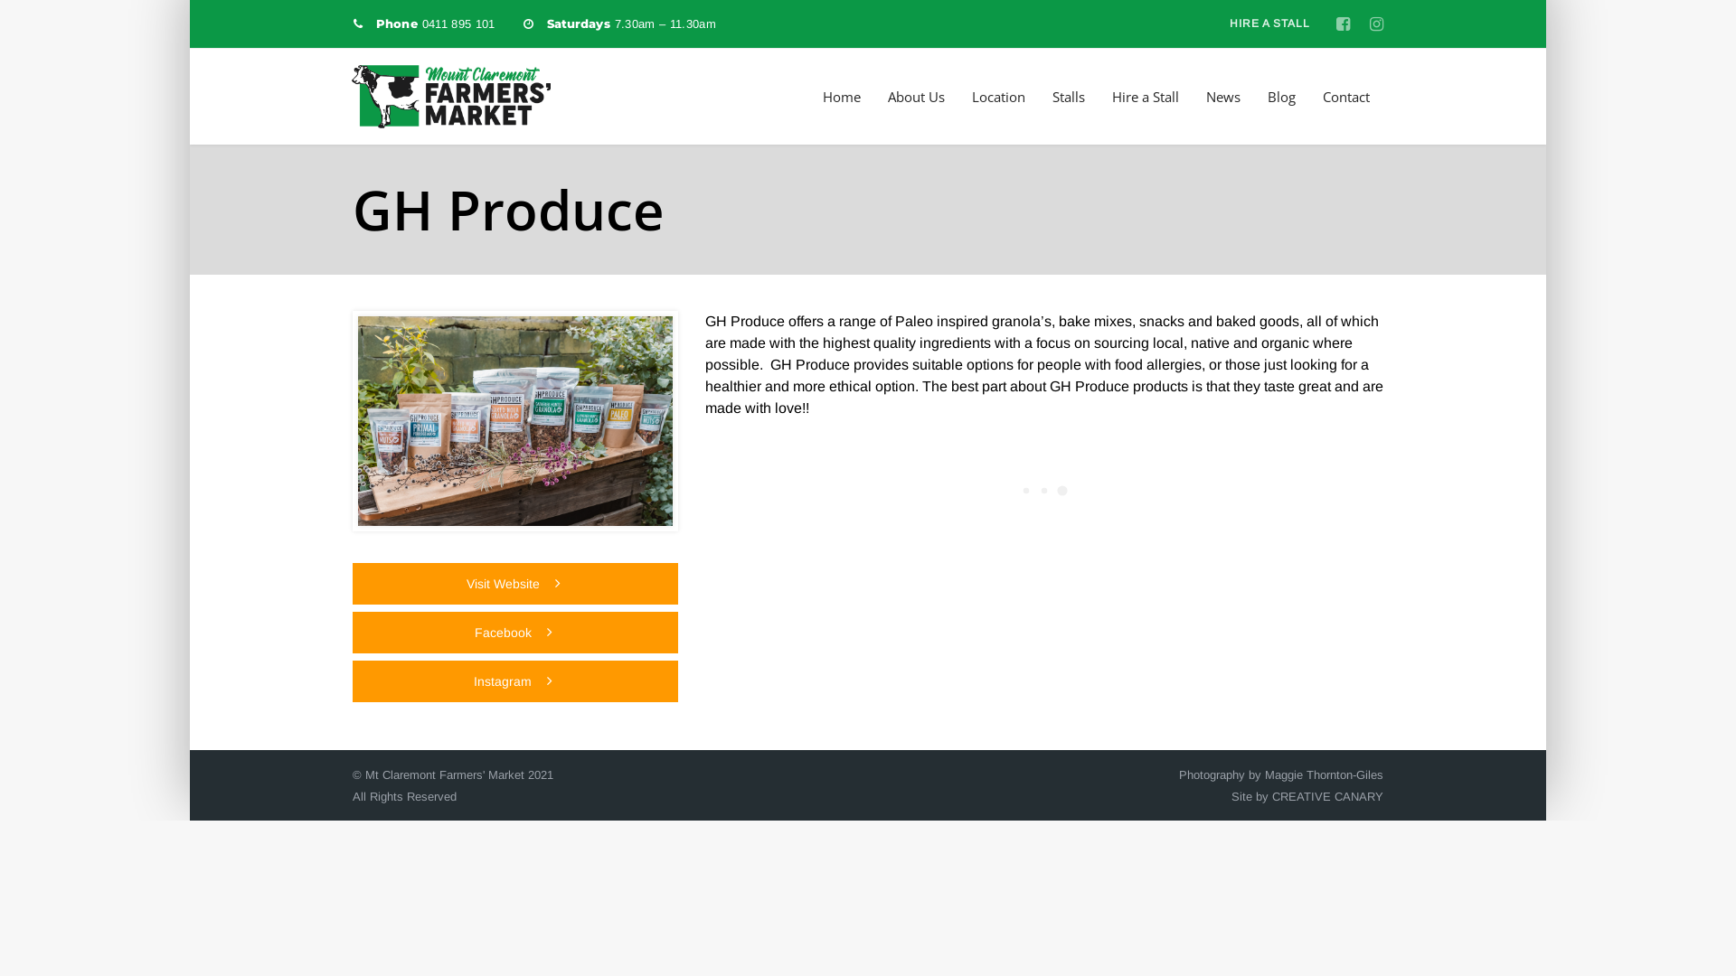  What do you see at coordinates (514, 631) in the screenshot?
I see `'Facebook'` at bounding box center [514, 631].